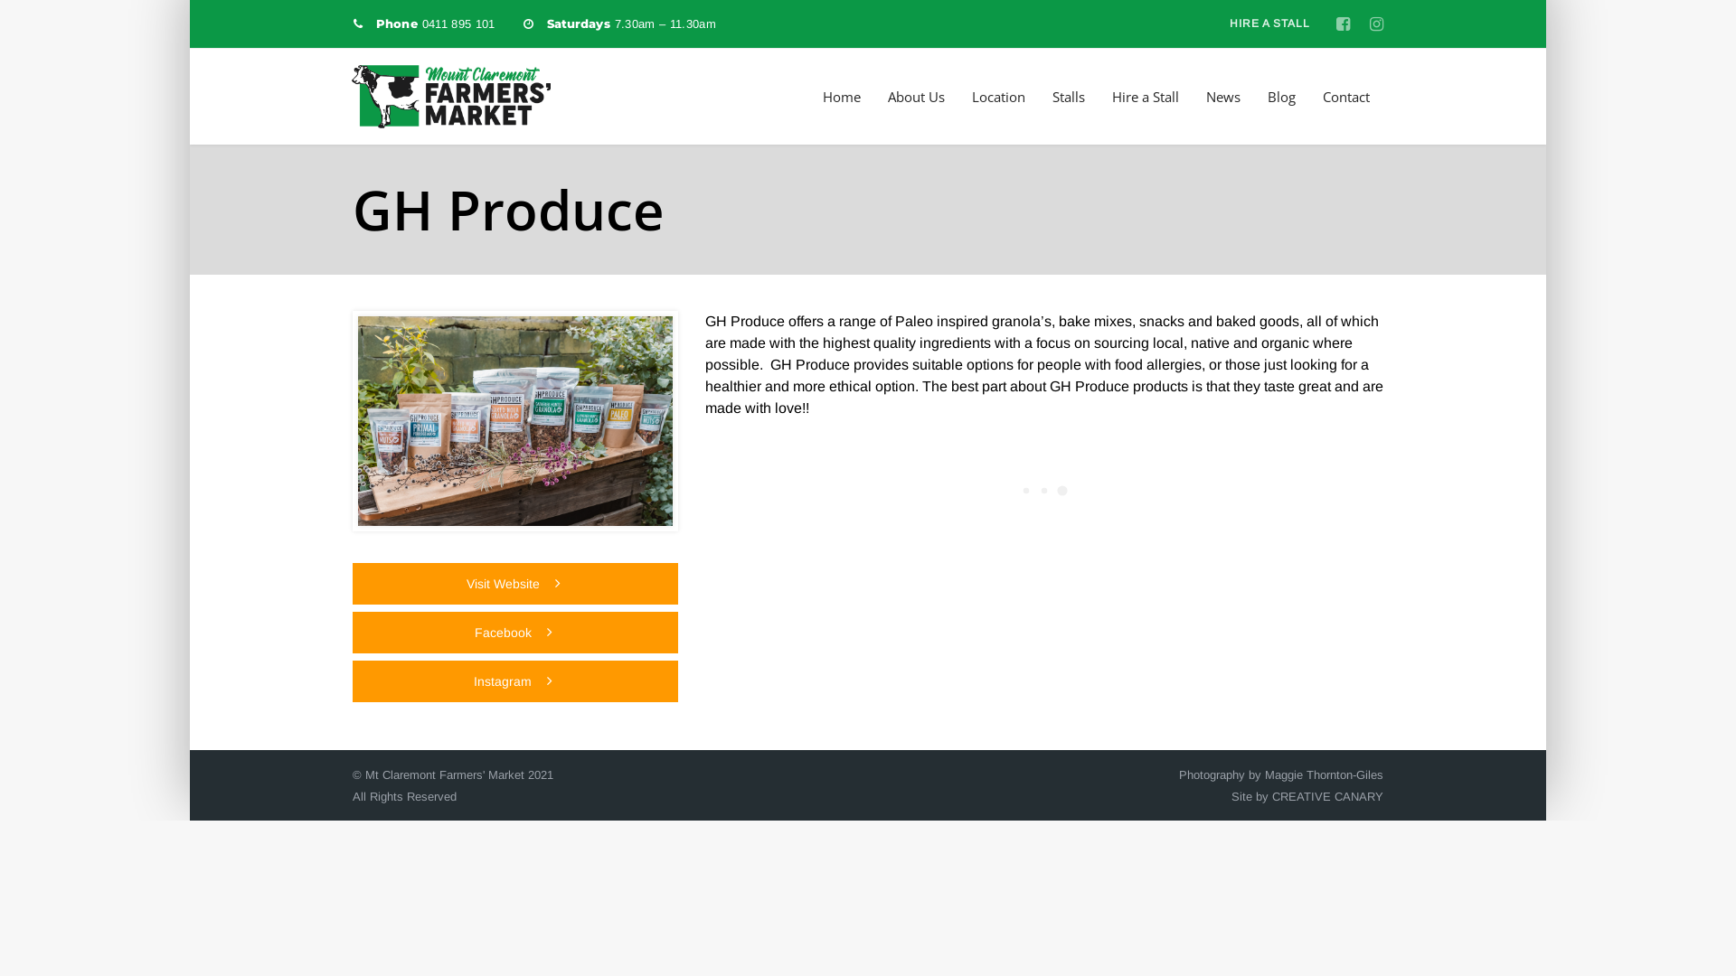  What do you see at coordinates (514, 631) in the screenshot?
I see `'Facebook'` at bounding box center [514, 631].